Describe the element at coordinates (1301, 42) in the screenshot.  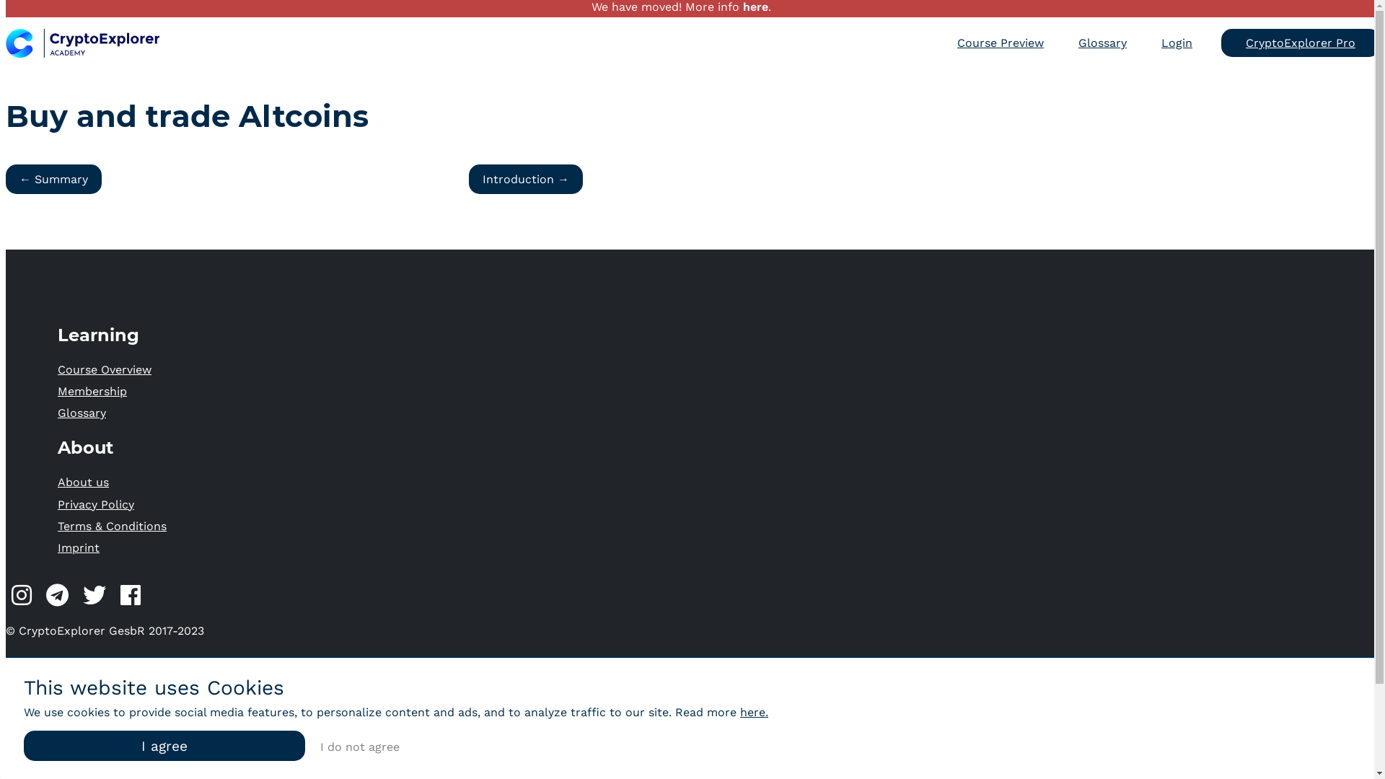
I see `'CryptoExplorer Pro'` at that location.